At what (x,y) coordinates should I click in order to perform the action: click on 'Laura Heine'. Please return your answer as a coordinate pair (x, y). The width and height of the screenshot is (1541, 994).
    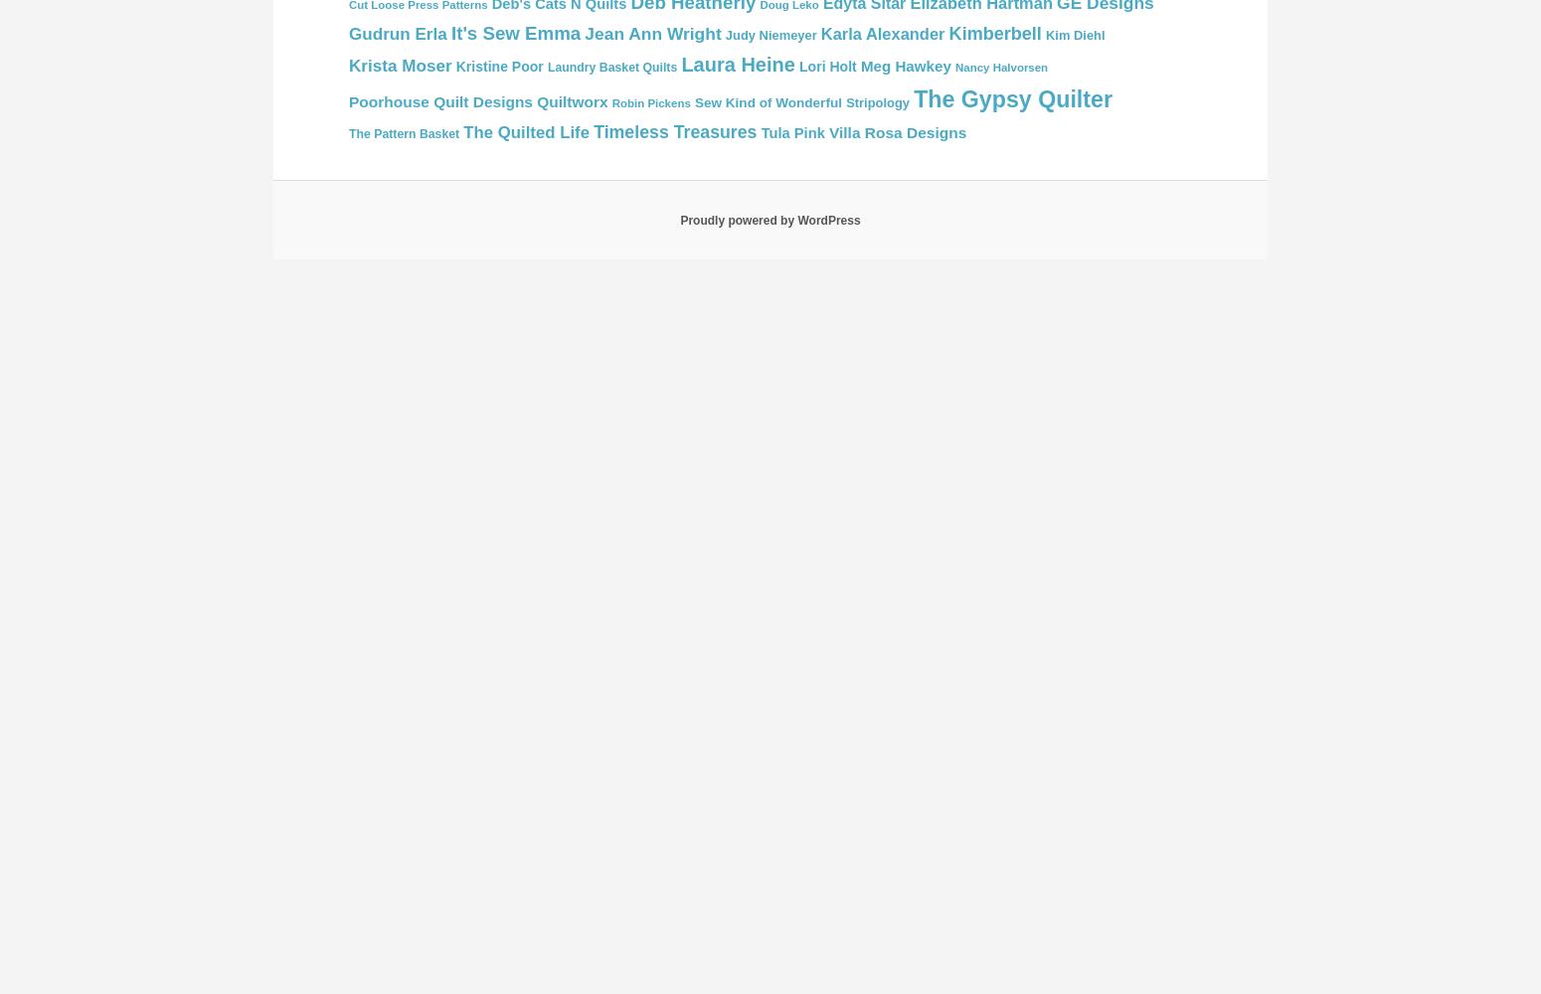
    Looking at the image, I should click on (737, 64).